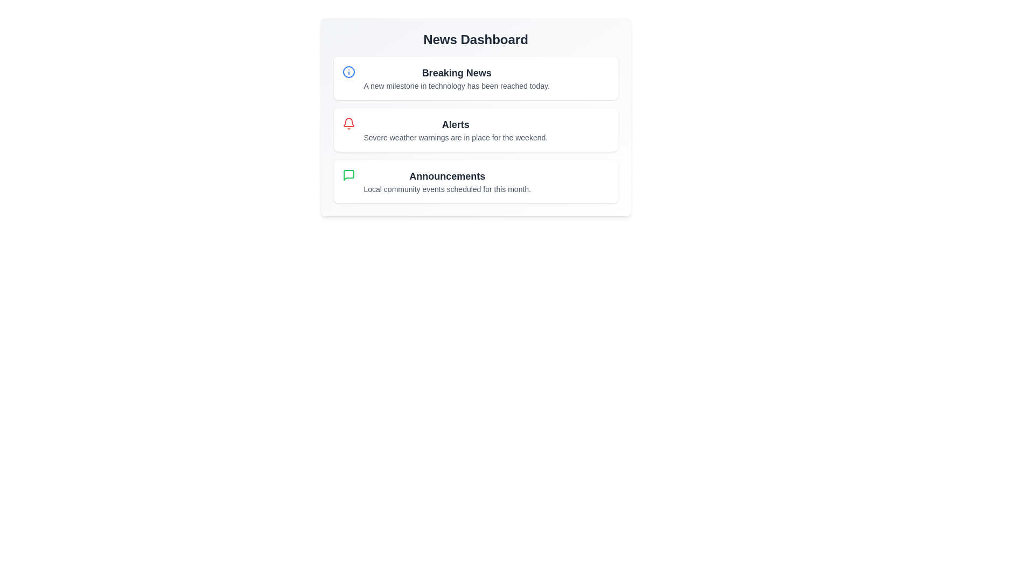 This screenshot has height=581, width=1034. What do you see at coordinates (457, 73) in the screenshot?
I see `the title 'Breaking News' to interact with it` at bounding box center [457, 73].